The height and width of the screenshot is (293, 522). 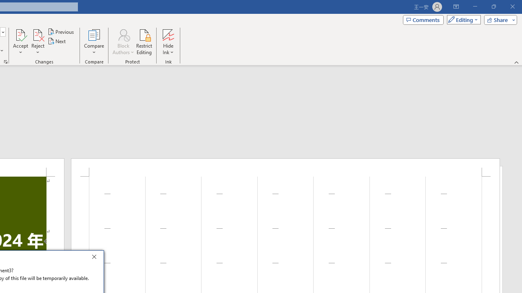 I want to click on 'Open', so click(x=2, y=31).